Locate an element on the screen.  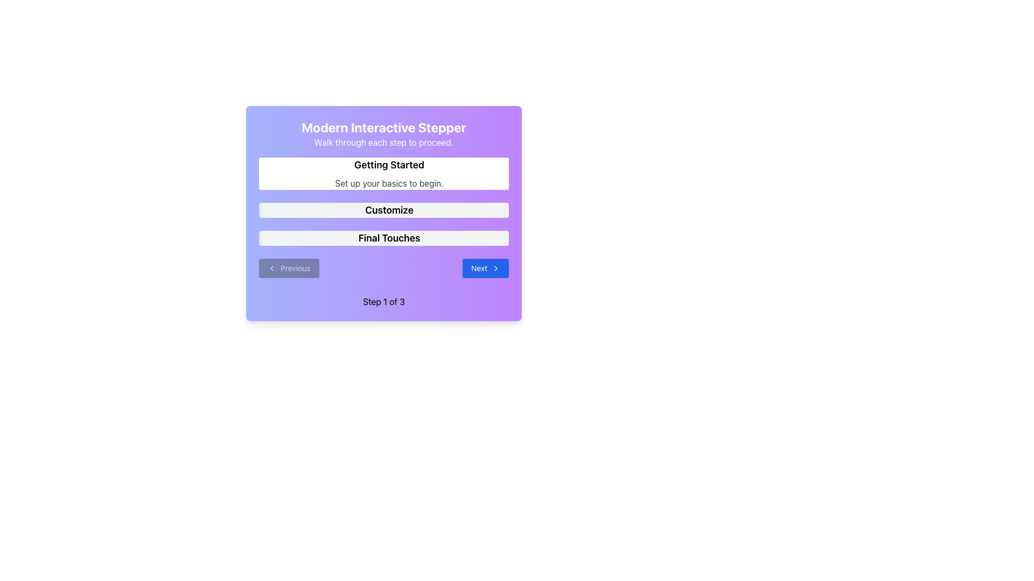
the 'Customize' button, which is the second step button in a vertical layout is located at coordinates (384, 214).